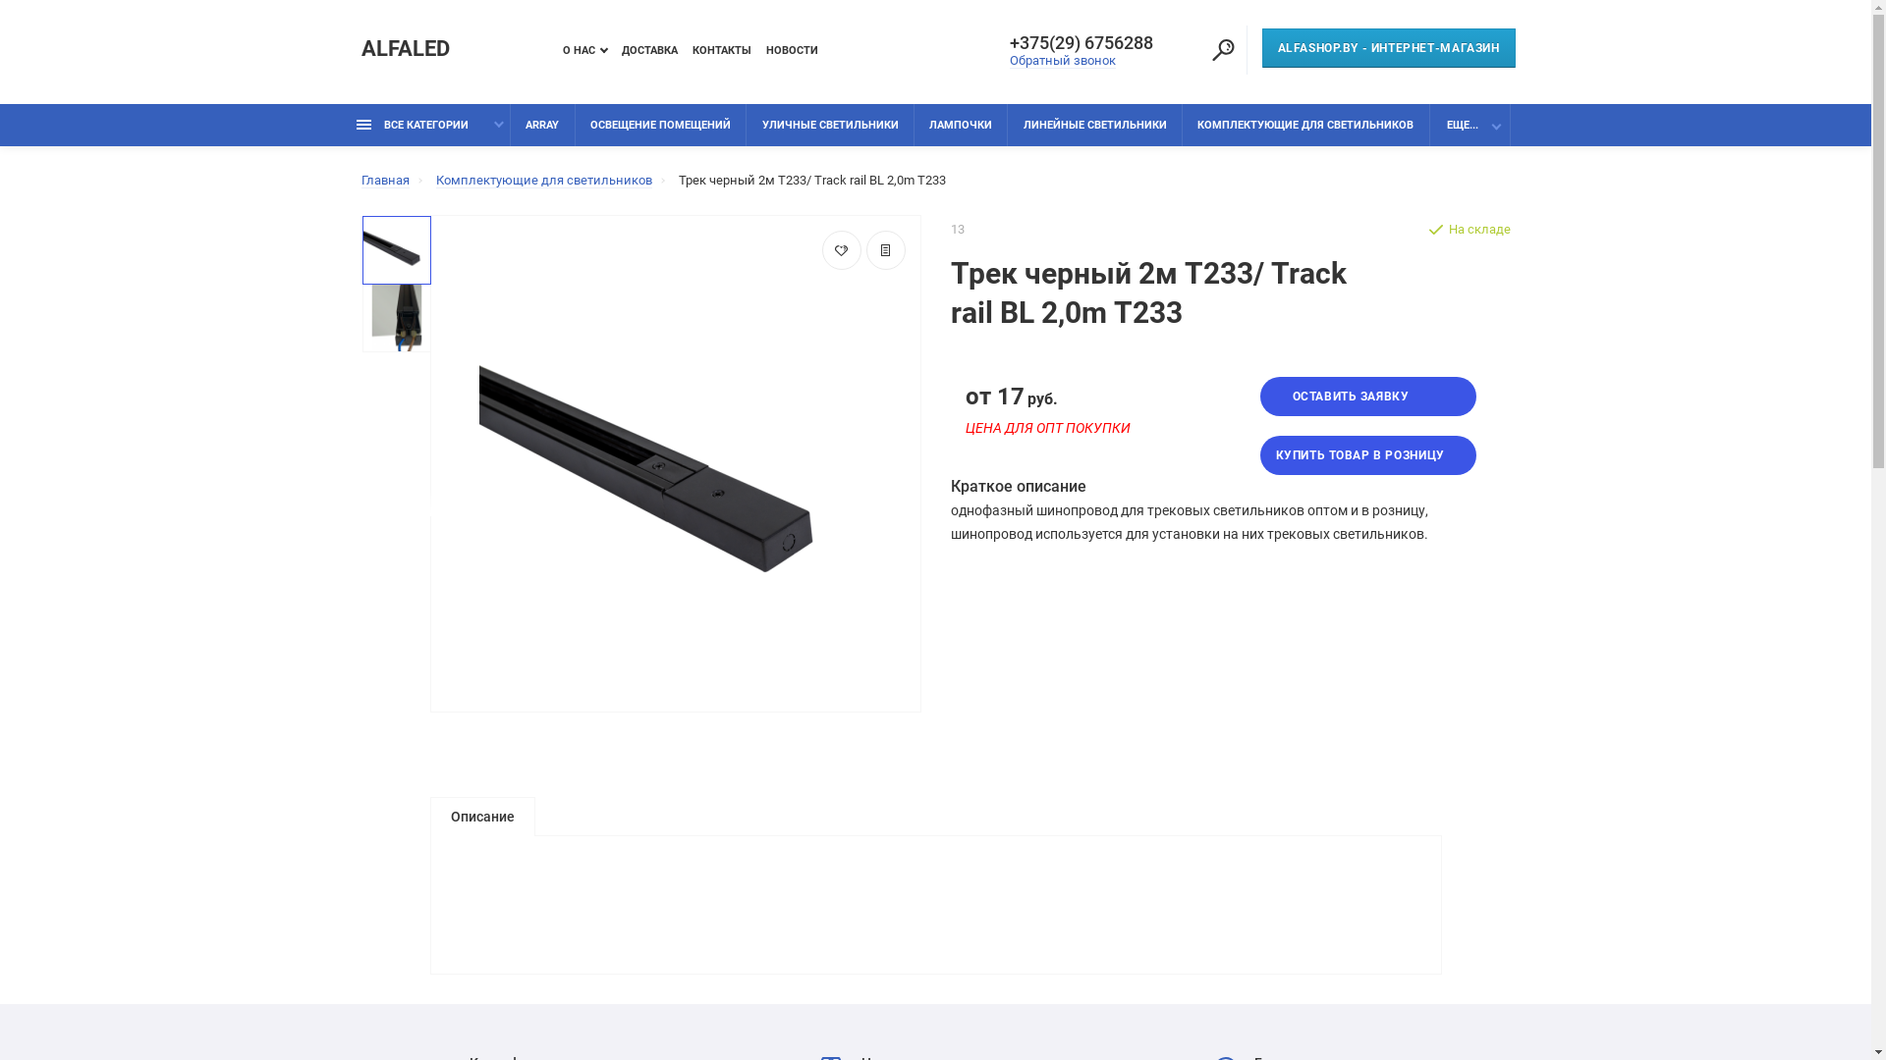  I want to click on 'ARRAY', so click(542, 125).